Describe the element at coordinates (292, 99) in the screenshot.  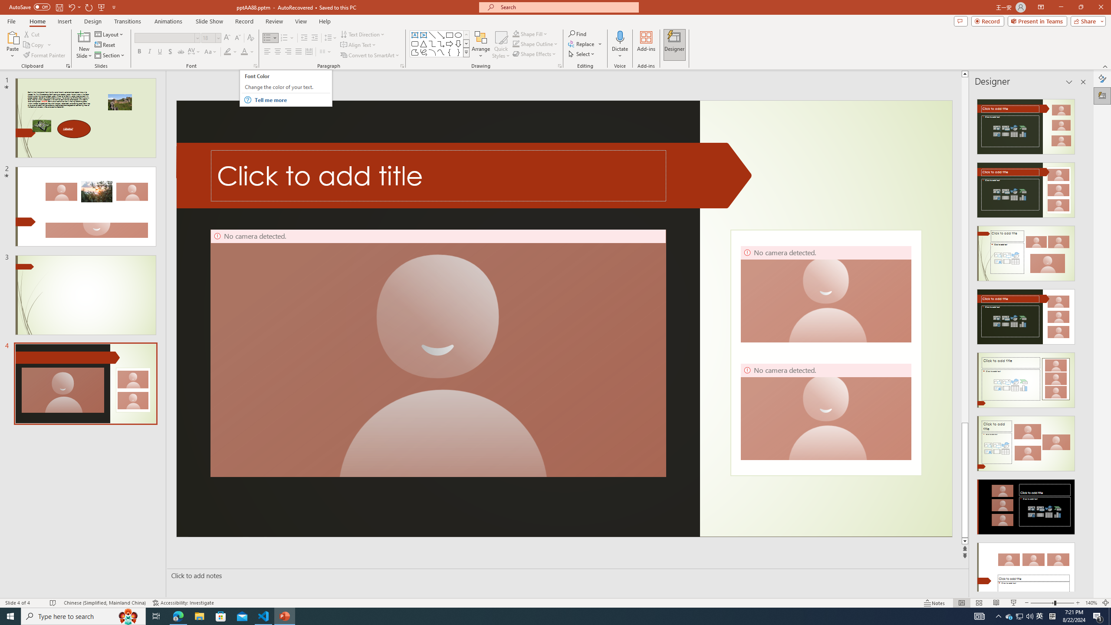
I see `'Tell me more'` at that location.